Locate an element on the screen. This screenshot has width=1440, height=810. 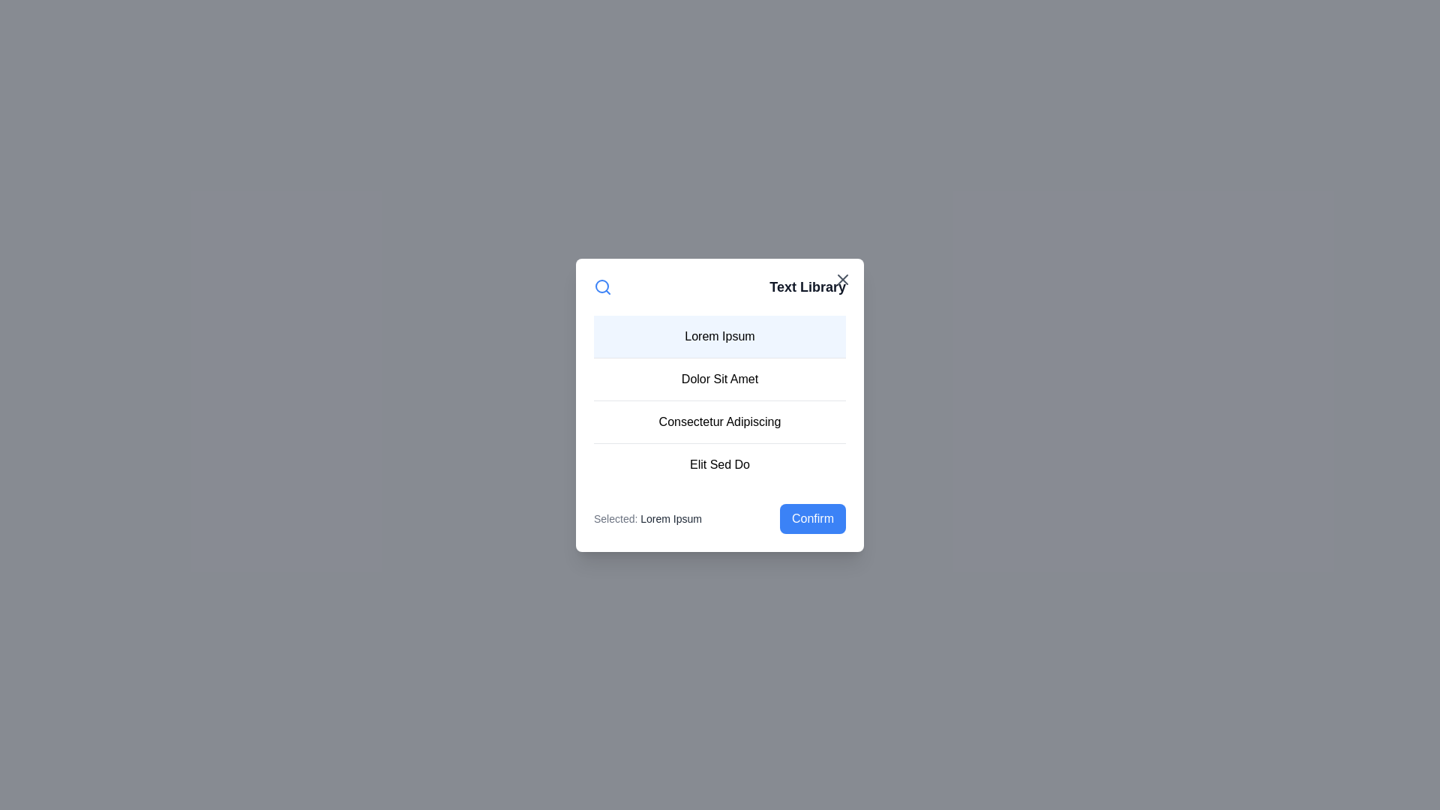
the list item corresponding to Lorem Ipsum to select it is located at coordinates (720, 335).